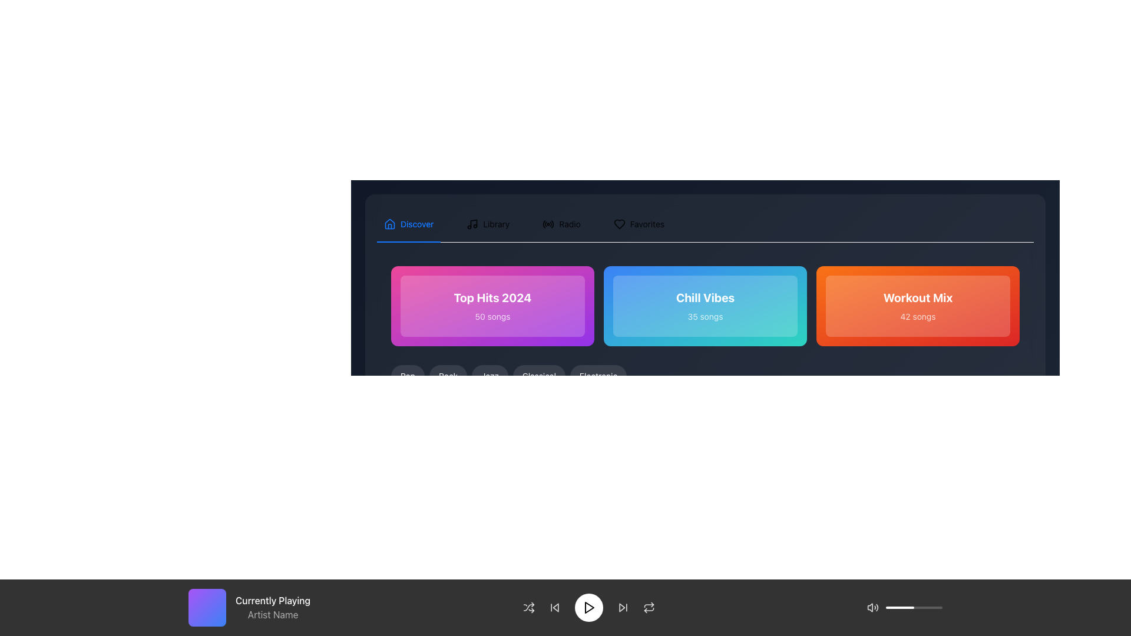 The image size is (1131, 636). I want to click on the static text display showing 'Artist Name', which is styled with a lightweight font in dimmed white color on a dark background, located in the footer section below 'Currently Playing', so click(272, 614).